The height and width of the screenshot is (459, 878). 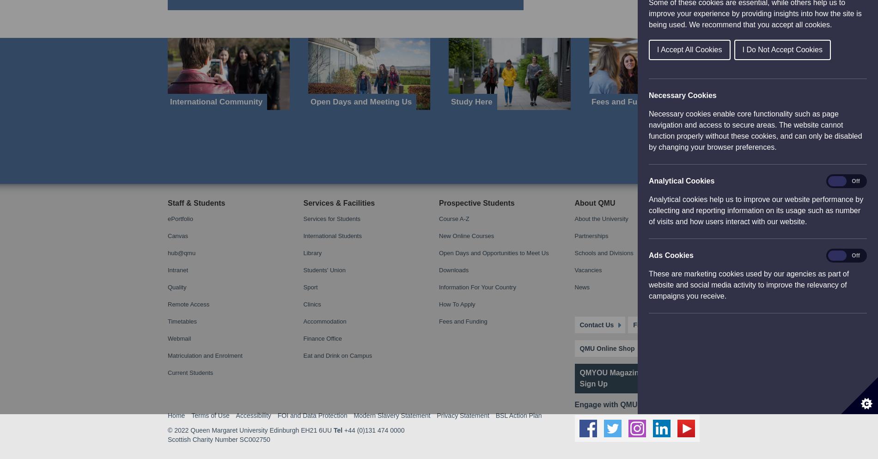 I want to click on 'Queen Margaret University Edinburgh EH21 6UU', so click(x=261, y=19).